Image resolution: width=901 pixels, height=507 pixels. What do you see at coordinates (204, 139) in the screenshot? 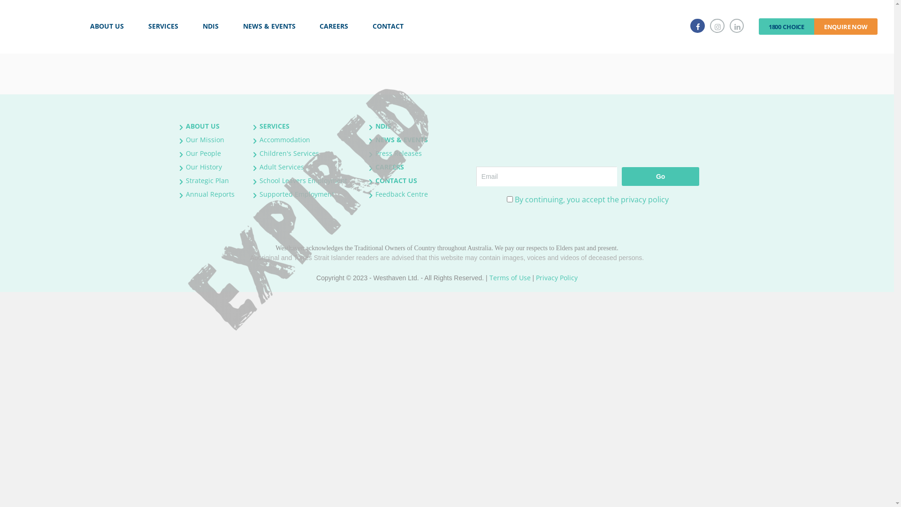
I see `'Our Mission'` at bounding box center [204, 139].